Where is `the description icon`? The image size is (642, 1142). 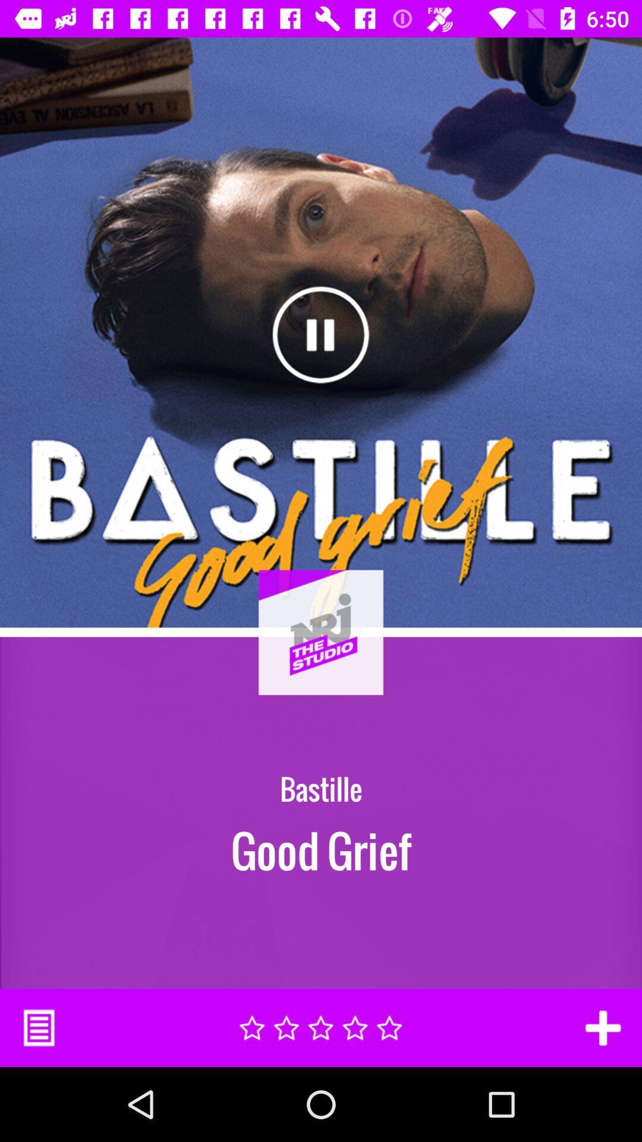
the description icon is located at coordinates (38, 1027).